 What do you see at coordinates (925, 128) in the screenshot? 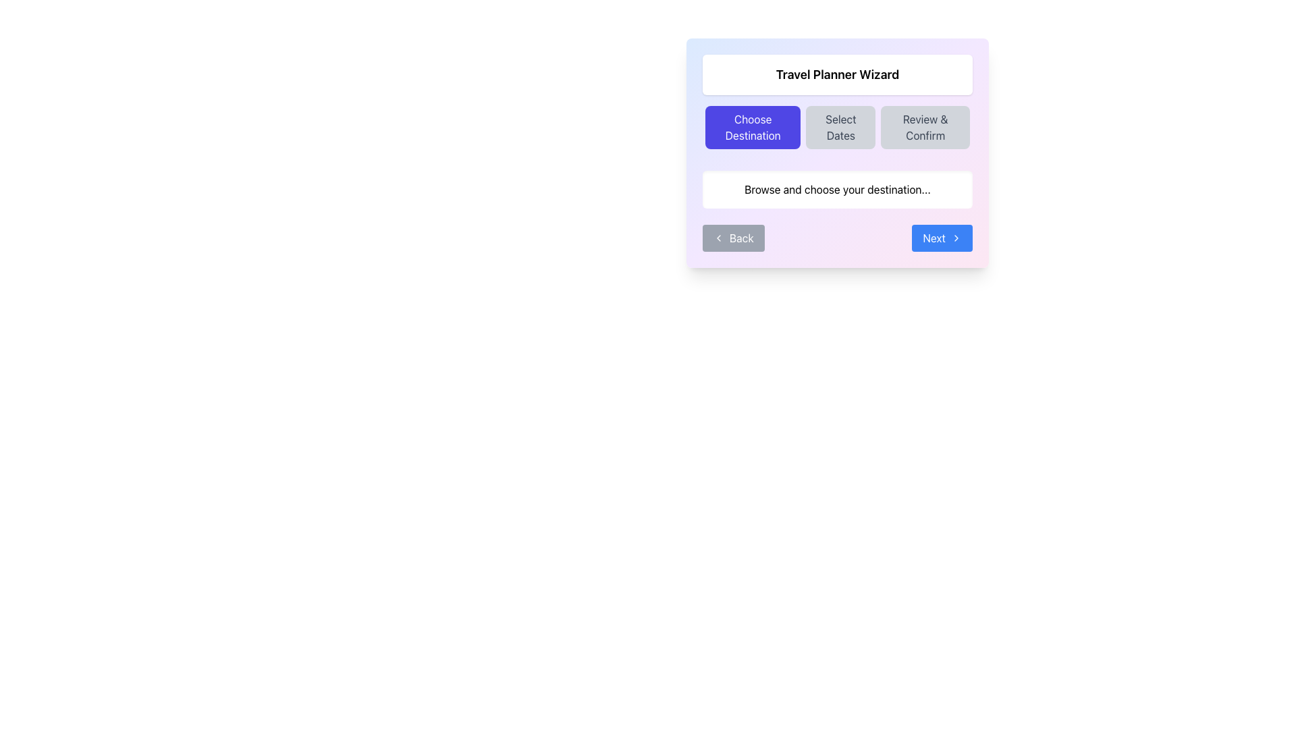
I see `the 'Review & Confirm' button, which is the third button in a row with a light gray background and gray text` at bounding box center [925, 128].